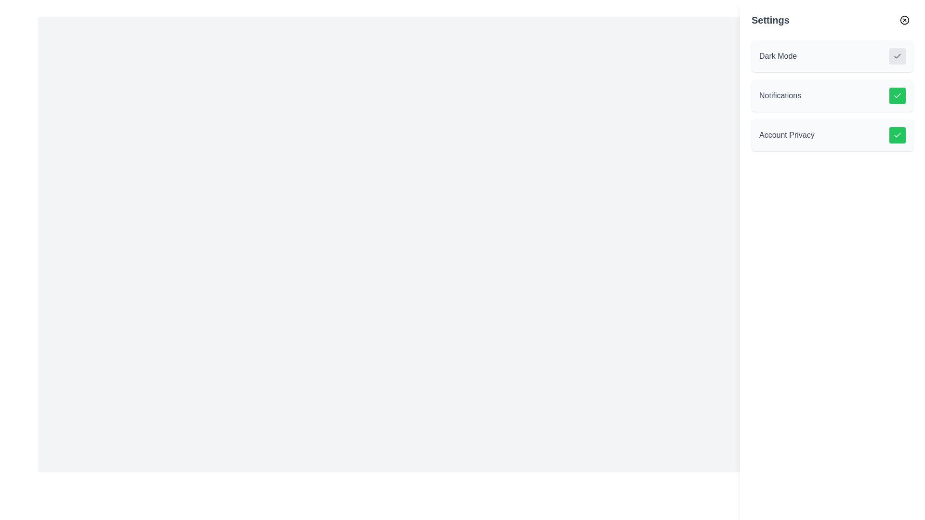  Describe the element at coordinates (832, 96) in the screenshot. I see `the second list item in the 'Settings' section that controls or checks the status of the 'Notifications' setting` at that location.